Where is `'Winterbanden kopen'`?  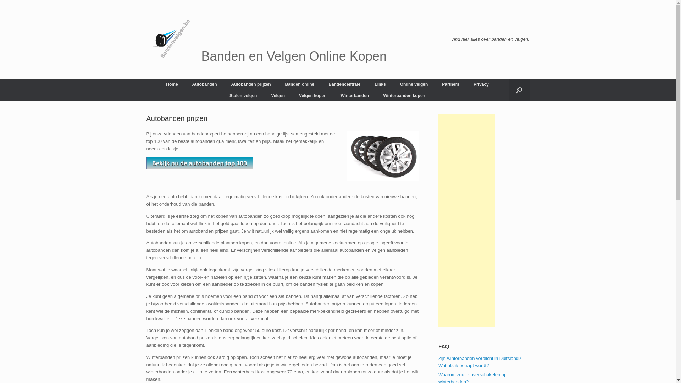
'Winterbanden kopen' is located at coordinates (404, 96).